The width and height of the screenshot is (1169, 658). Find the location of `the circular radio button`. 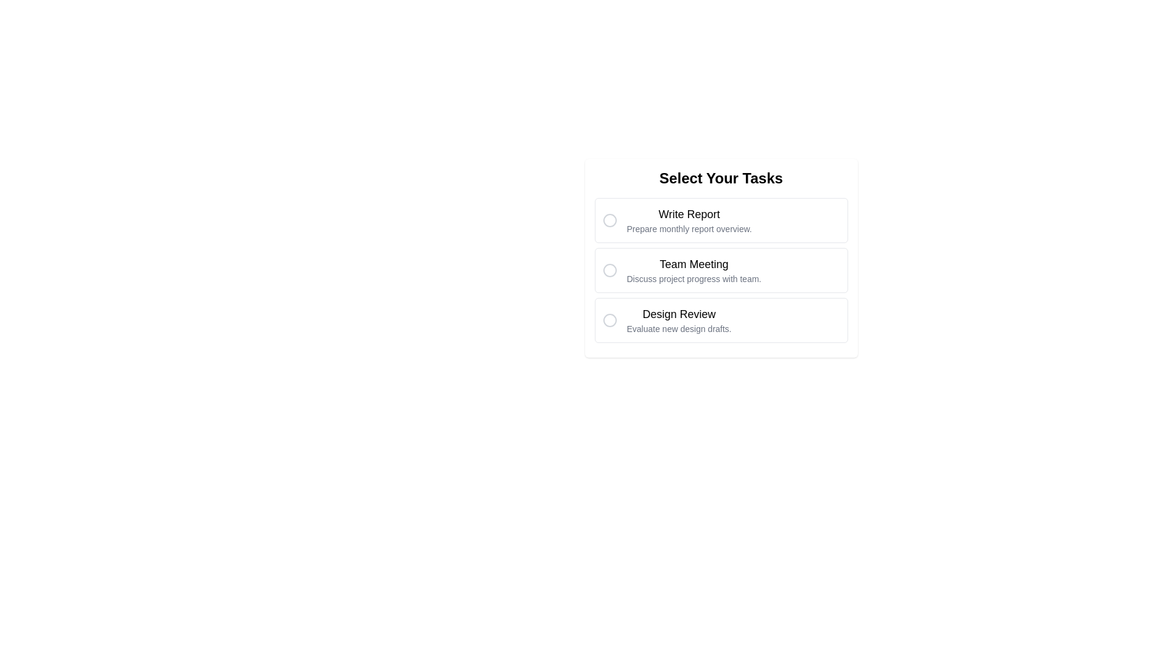

the circular radio button is located at coordinates (721, 269).